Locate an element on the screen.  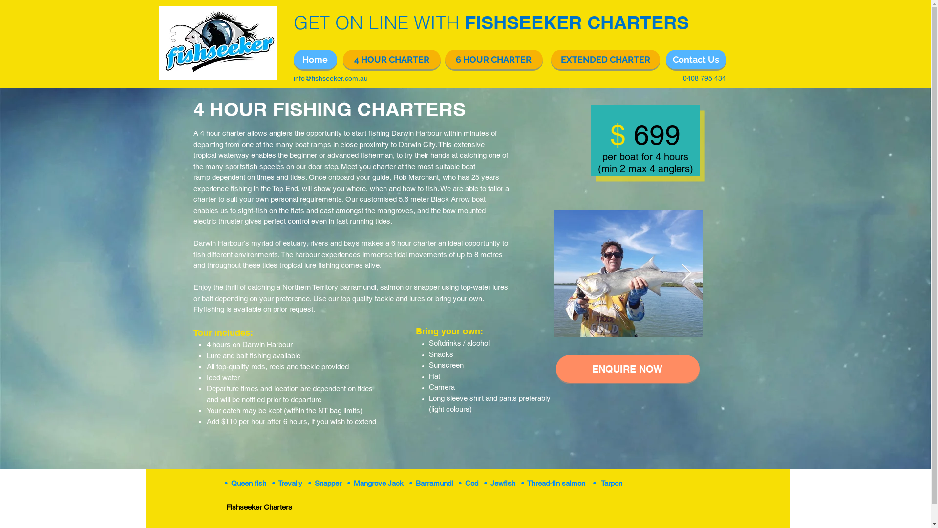
'4 HOUR CHARTER' is located at coordinates (391, 60).